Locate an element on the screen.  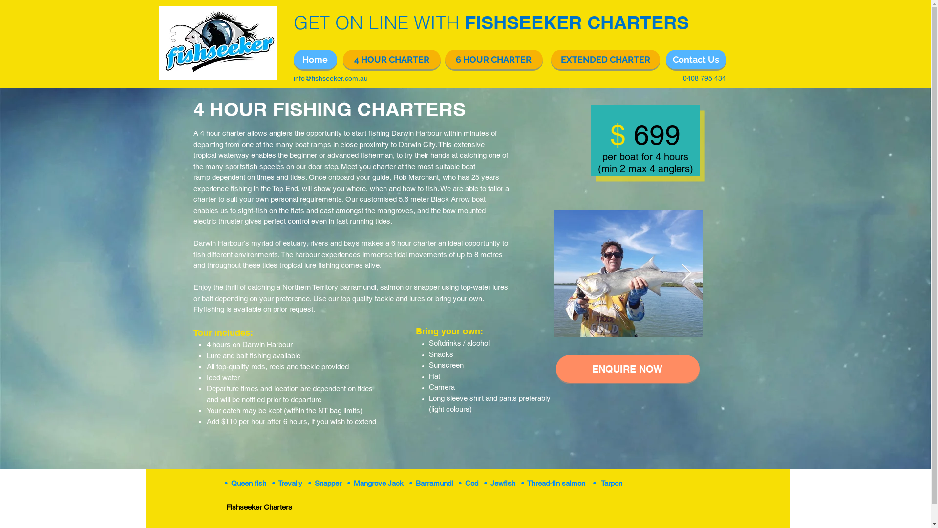
'4 HOUR CHARTER' is located at coordinates (391, 60).